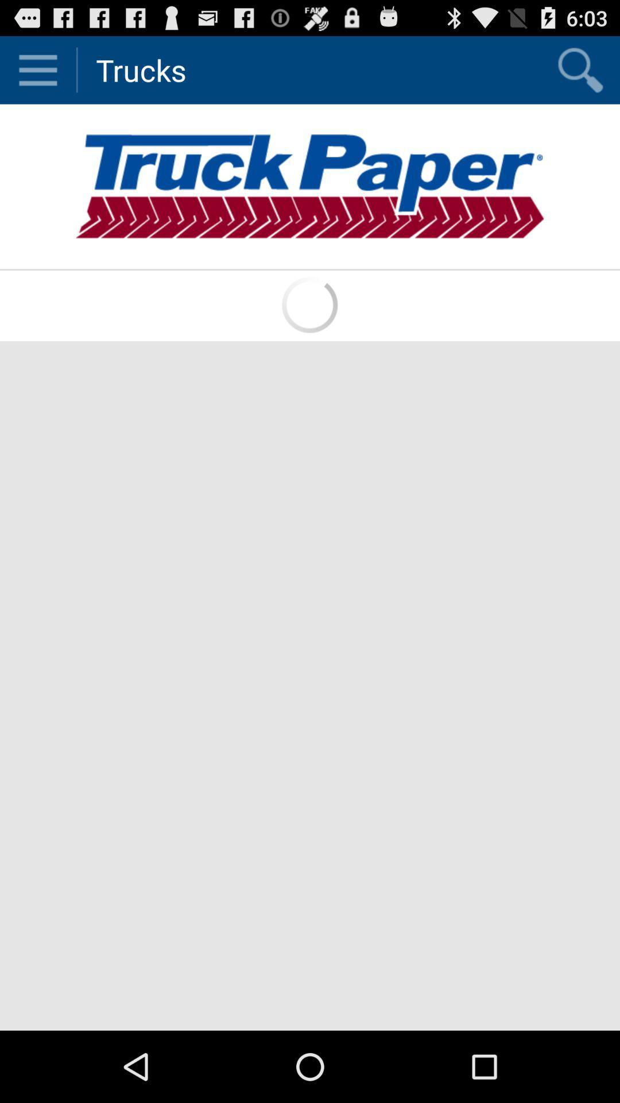  I want to click on the search icon, so click(580, 74).